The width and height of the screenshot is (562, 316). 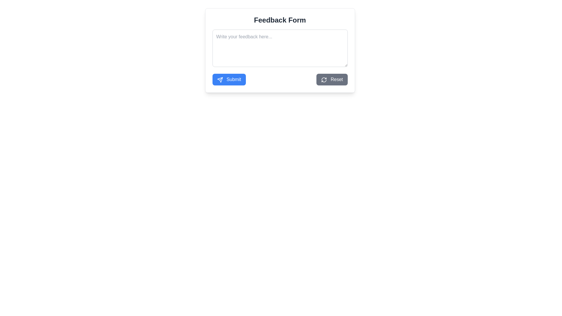 I want to click on the 'Reset' button with a gray background and white text and icon to observe its hover effects, so click(x=332, y=80).